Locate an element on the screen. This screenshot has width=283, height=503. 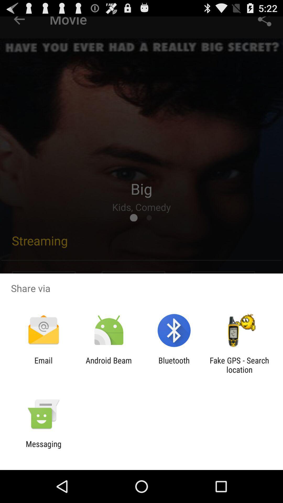
item next to android beam app is located at coordinates (43, 365).